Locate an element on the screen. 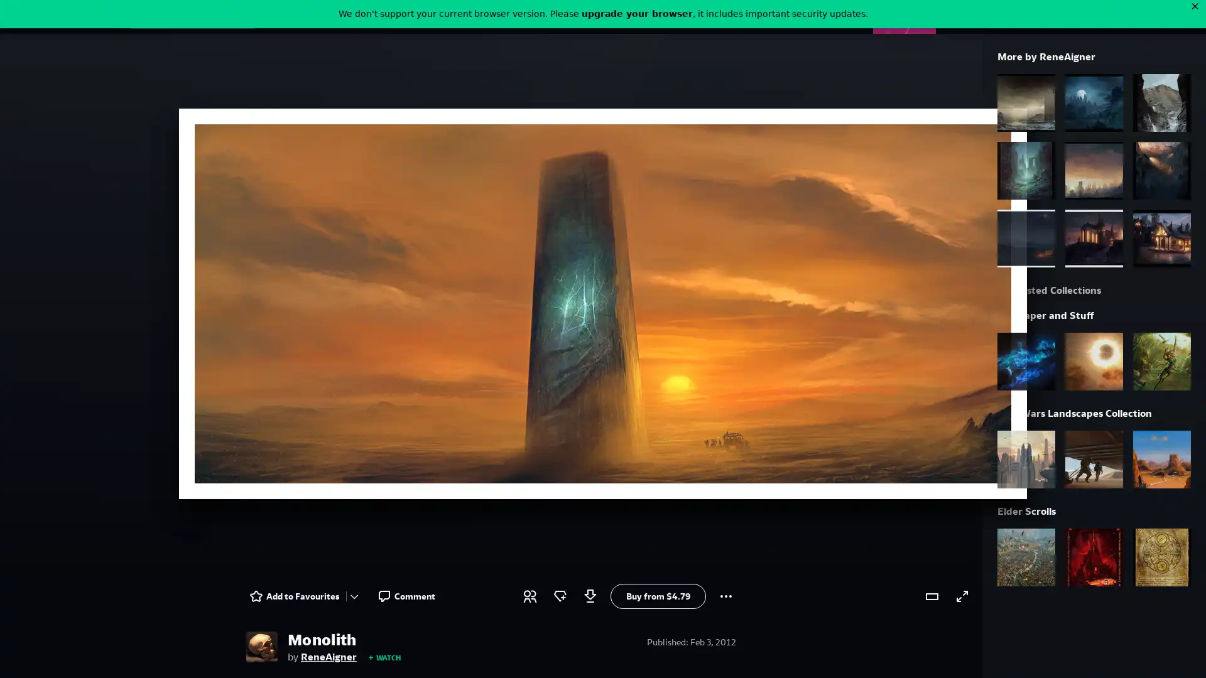  Award a badge is located at coordinates (560, 595).